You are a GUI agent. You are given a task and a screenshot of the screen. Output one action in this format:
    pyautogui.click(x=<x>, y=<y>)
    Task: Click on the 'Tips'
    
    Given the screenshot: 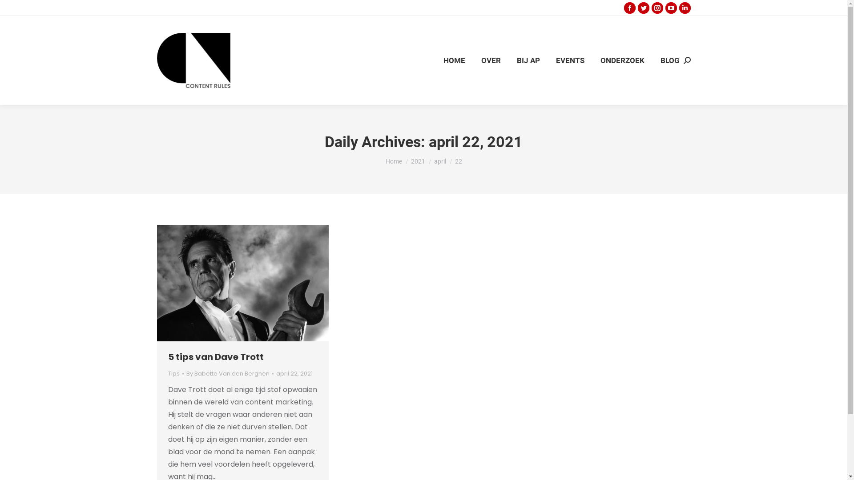 What is the action you would take?
    pyautogui.click(x=173, y=373)
    